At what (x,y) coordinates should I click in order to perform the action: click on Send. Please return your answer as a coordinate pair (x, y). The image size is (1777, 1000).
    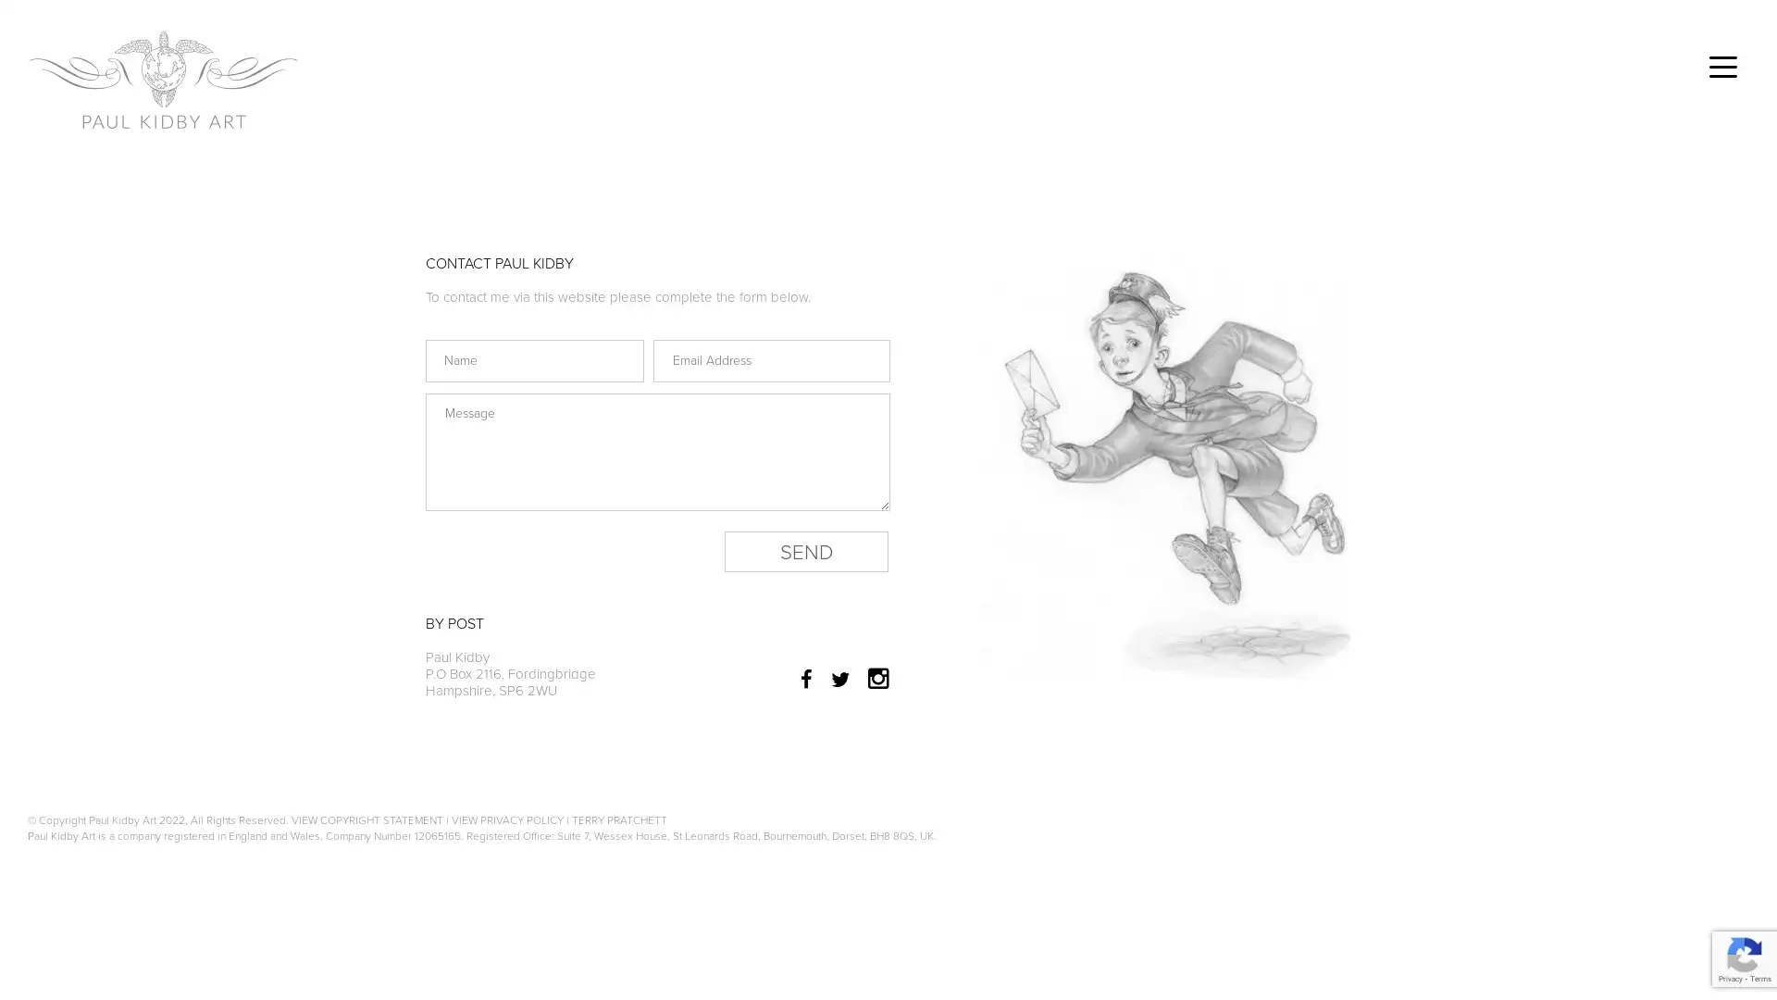
    Looking at the image, I should click on (806, 551).